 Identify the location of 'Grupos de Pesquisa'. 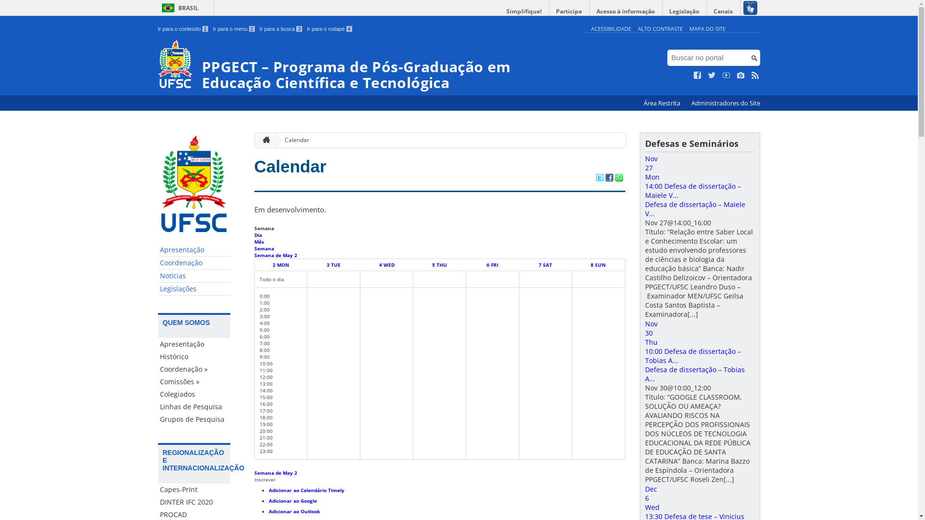
(194, 419).